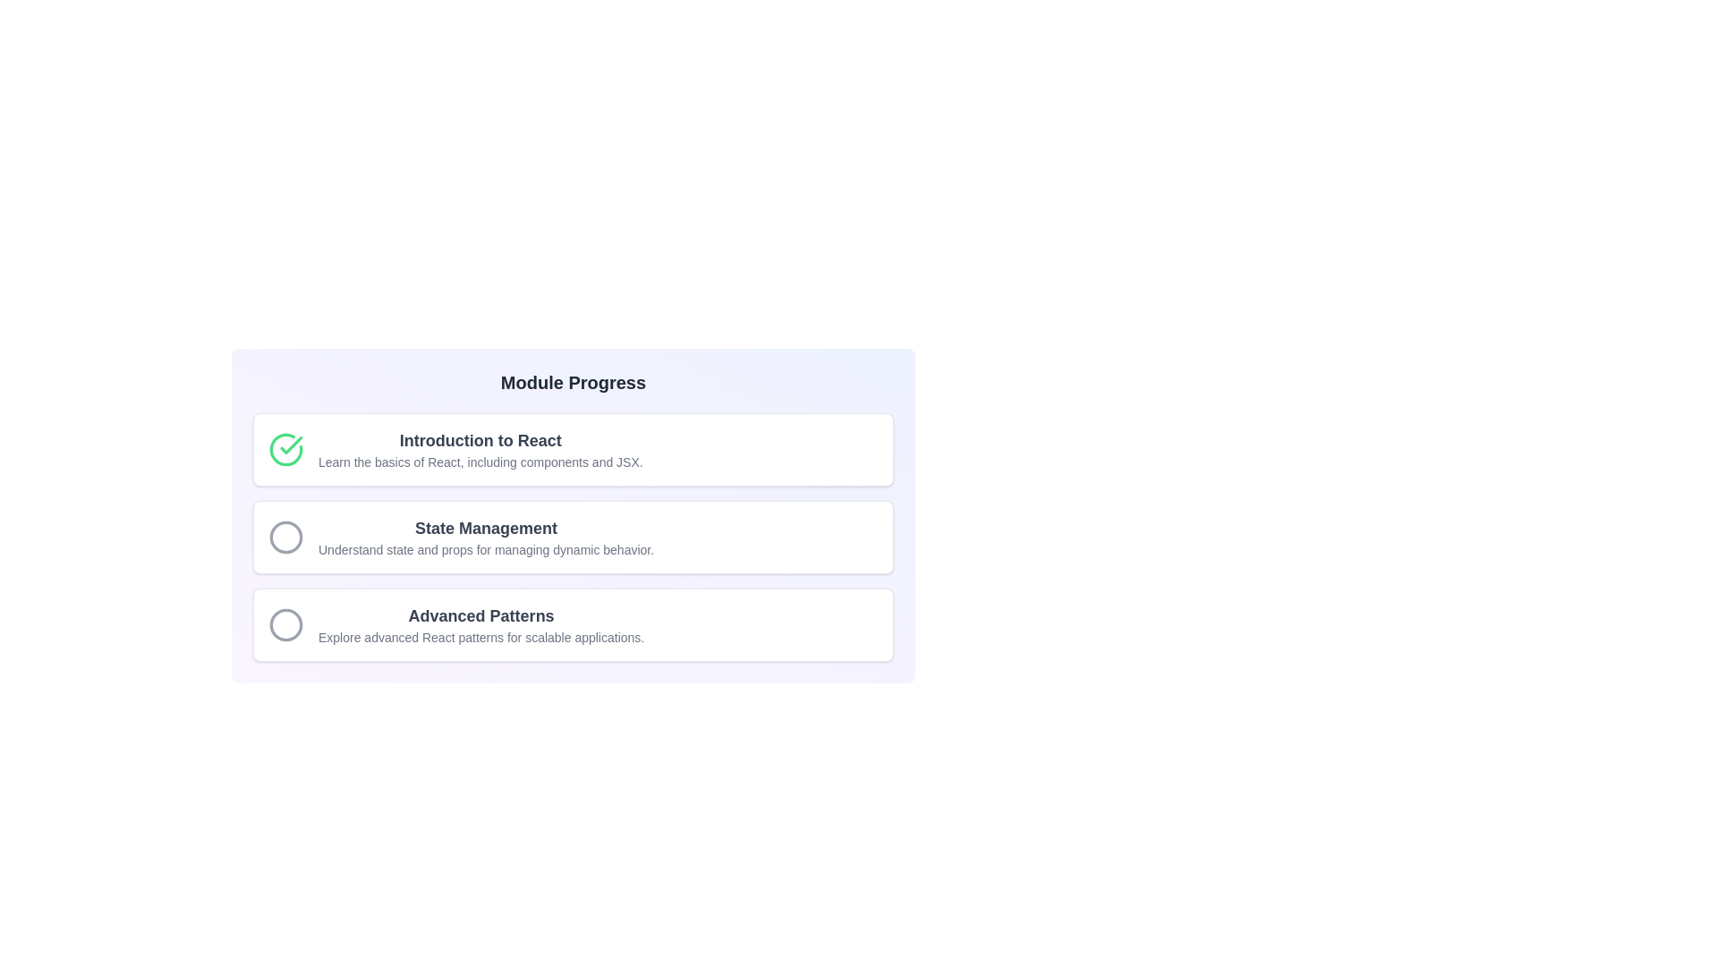  I want to click on the selectable course module item titled 'Advanced Patterns', so click(574, 623).